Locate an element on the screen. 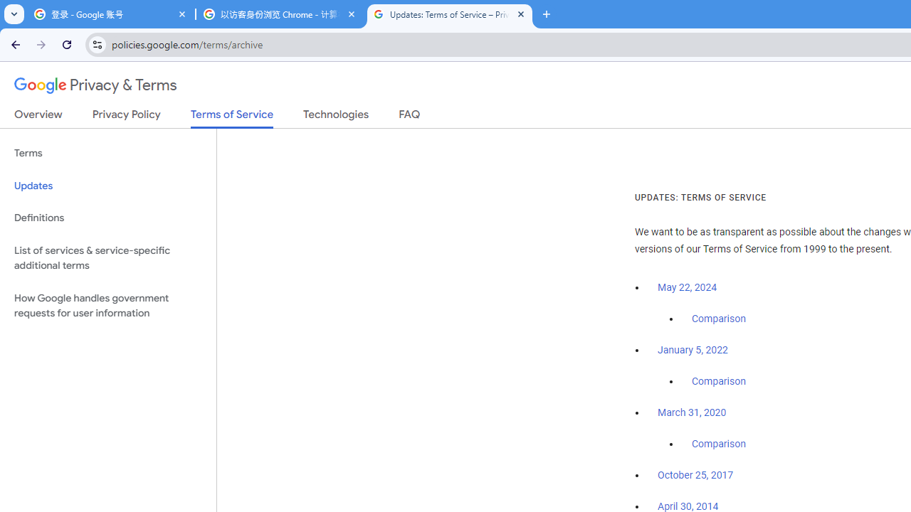 This screenshot has width=911, height=512. 'October 25, 2017' is located at coordinates (695, 476).